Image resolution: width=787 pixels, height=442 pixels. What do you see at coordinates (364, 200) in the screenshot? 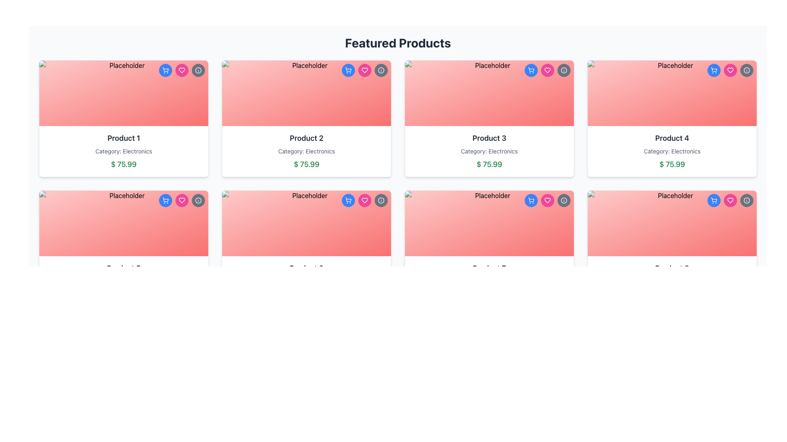
I see `the heart-shaped icon filled with pink color in the header section of the product item card to mark the product as a favorite` at bounding box center [364, 200].